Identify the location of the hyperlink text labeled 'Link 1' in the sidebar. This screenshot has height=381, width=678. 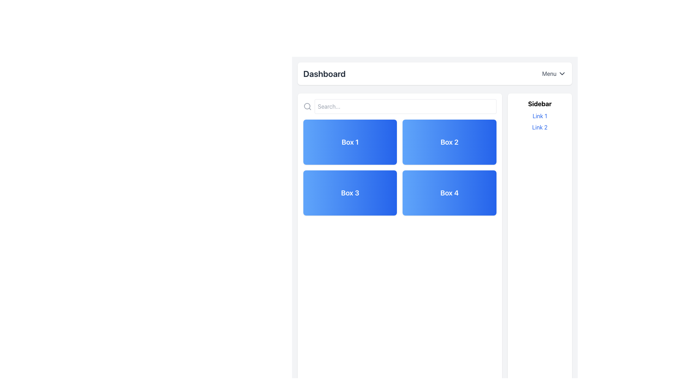
(539, 115).